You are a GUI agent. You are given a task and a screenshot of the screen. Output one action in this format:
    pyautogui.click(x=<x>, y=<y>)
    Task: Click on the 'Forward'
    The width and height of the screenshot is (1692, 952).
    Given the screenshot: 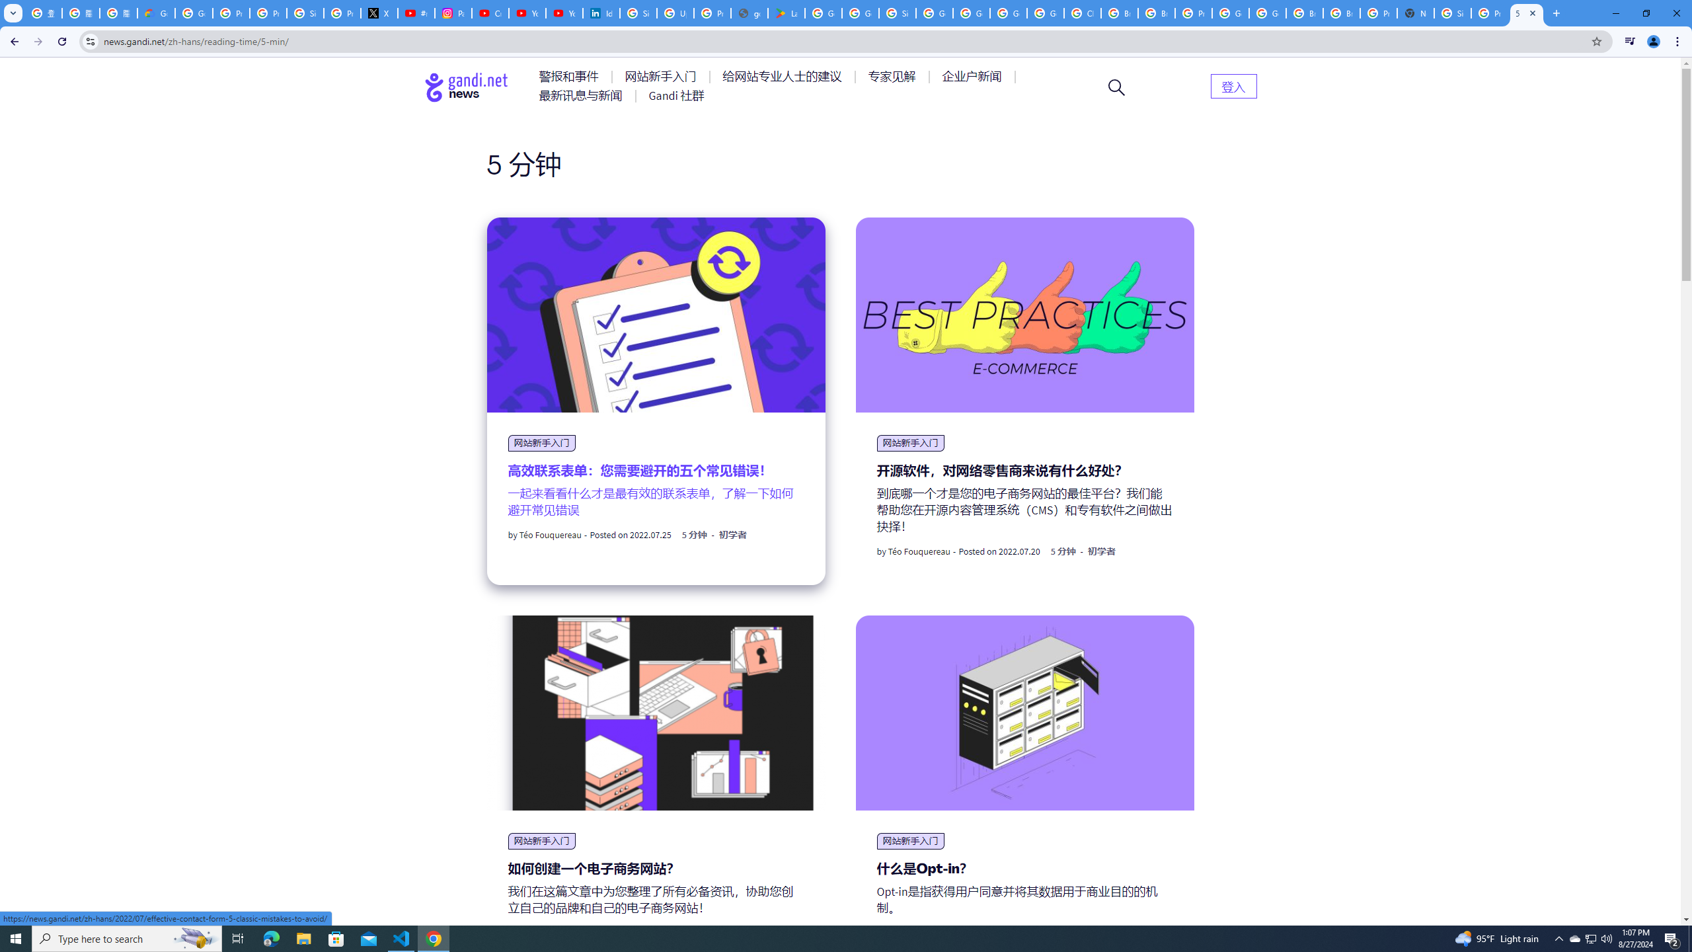 What is the action you would take?
    pyautogui.click(x=38, y=41)
    